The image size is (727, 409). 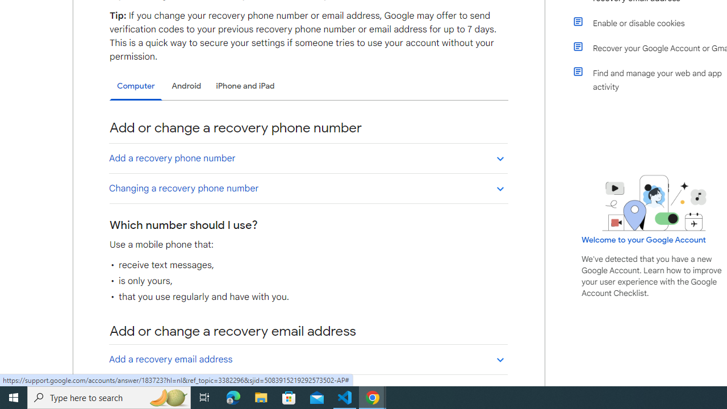 I want to click on 'Learning Center home page image', so click(x=654, y=202).